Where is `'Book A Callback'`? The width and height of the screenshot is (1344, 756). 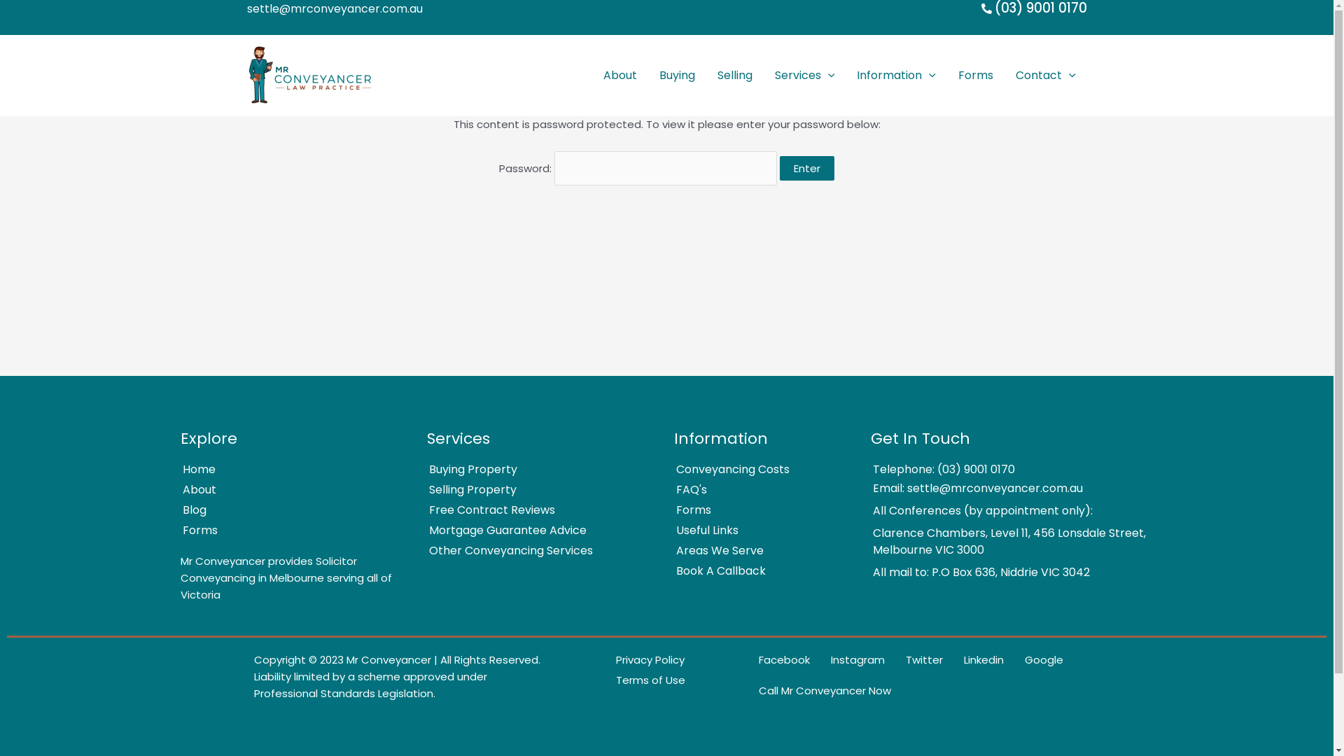 'Book A Callback' is located at coordinates (755, 571).